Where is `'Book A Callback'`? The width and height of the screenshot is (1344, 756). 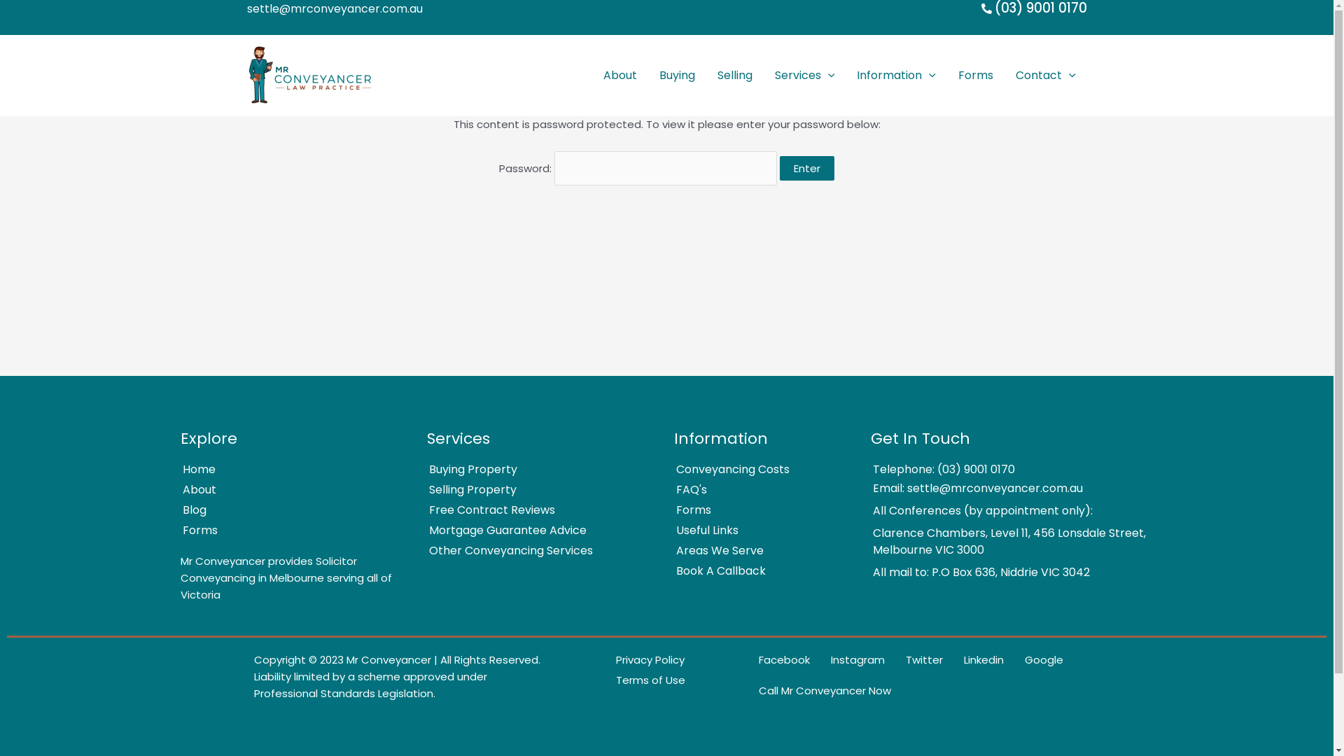 'Book A Callback' is located at coordinates (755, 571).